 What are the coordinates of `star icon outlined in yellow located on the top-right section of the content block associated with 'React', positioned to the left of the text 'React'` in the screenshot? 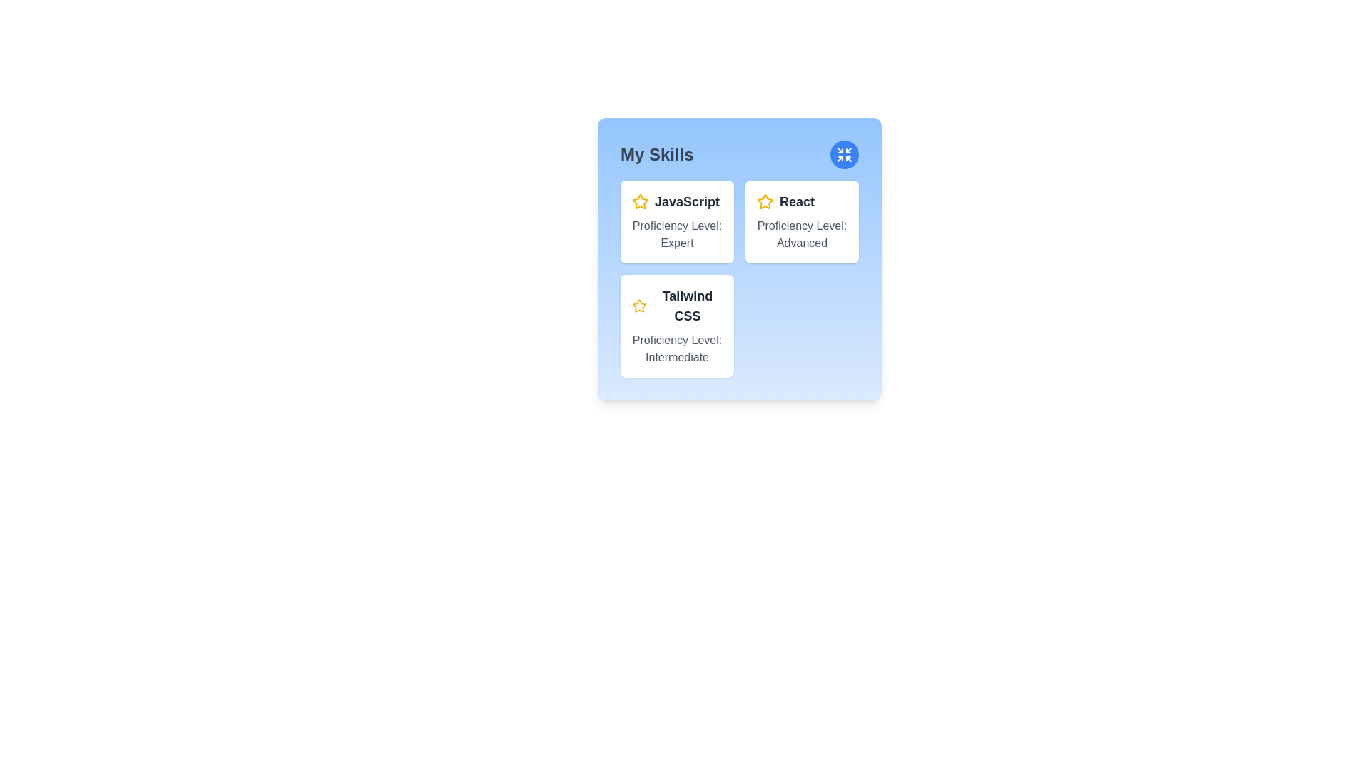 It's located at (764, 201).